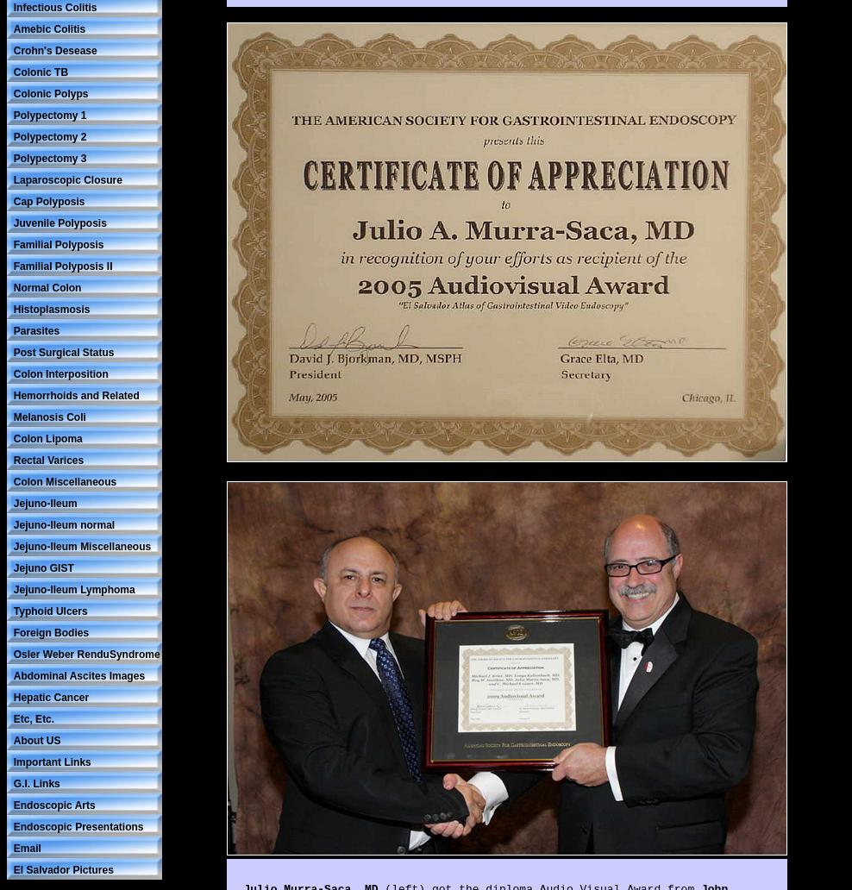 Image resolution: width=852 pixels, height=890 pixels. What do you see at coordinates (12, 309) in the screenshot?
I see `'Histoplasmosis'` at bounding box center [12, 309].